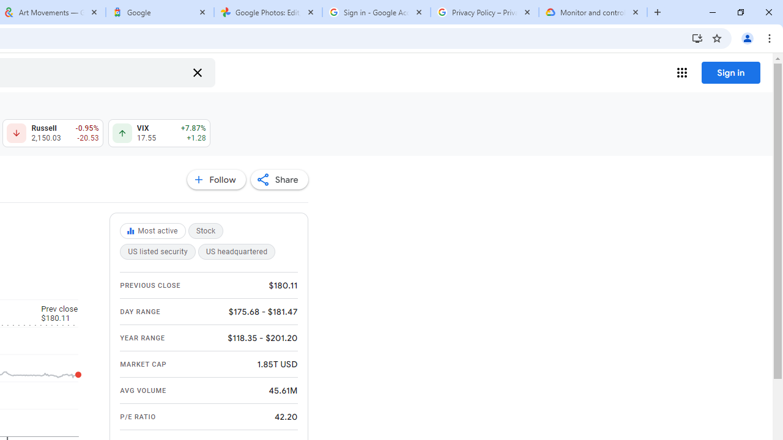 The width and height of the screenshot is (783, 440). What do you see at coordinates (376, 12) in the screenshot?
I see `'Sign in - Google Accounts'` at bounding box center [376, 12].